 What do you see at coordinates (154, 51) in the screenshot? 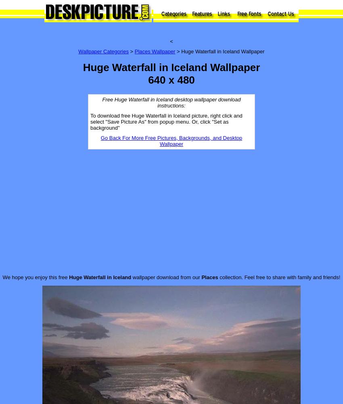
I see `'Places Wallpaper'` at bounding box center [154, 51].